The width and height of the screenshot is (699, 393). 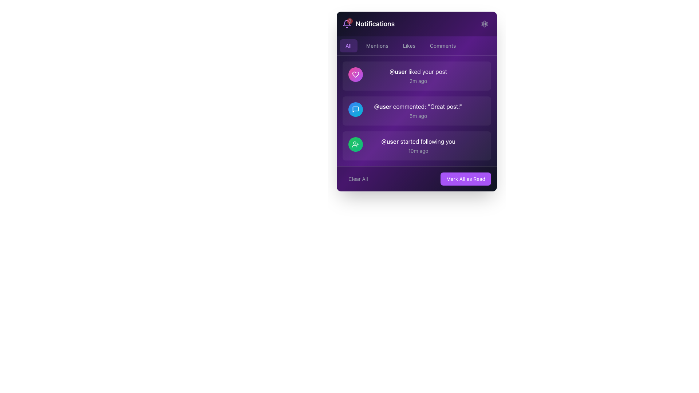 What do you see at coordinates (484, 23) in the screenshot?
I see `the circular cogwheel icon button located at the top-right corner of the notification panel` at bounding box center [484, 23].